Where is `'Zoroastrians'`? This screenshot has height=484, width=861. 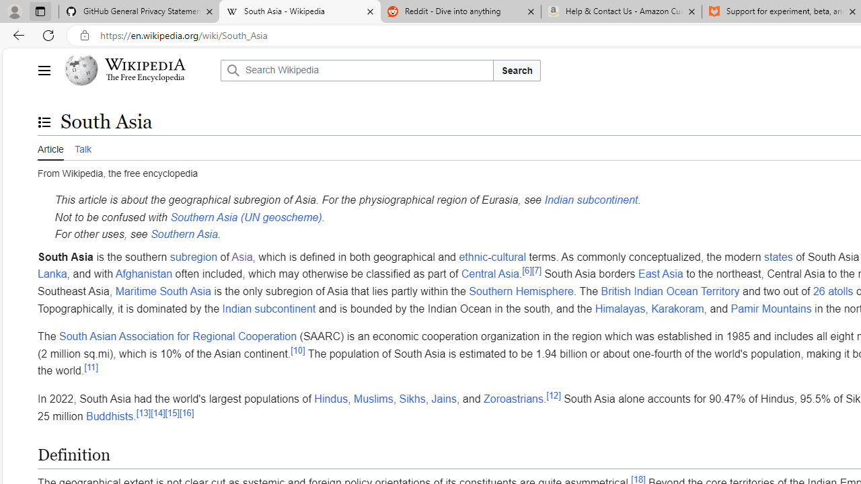
'Zoroastrians' is located at coordinates (513, 397).